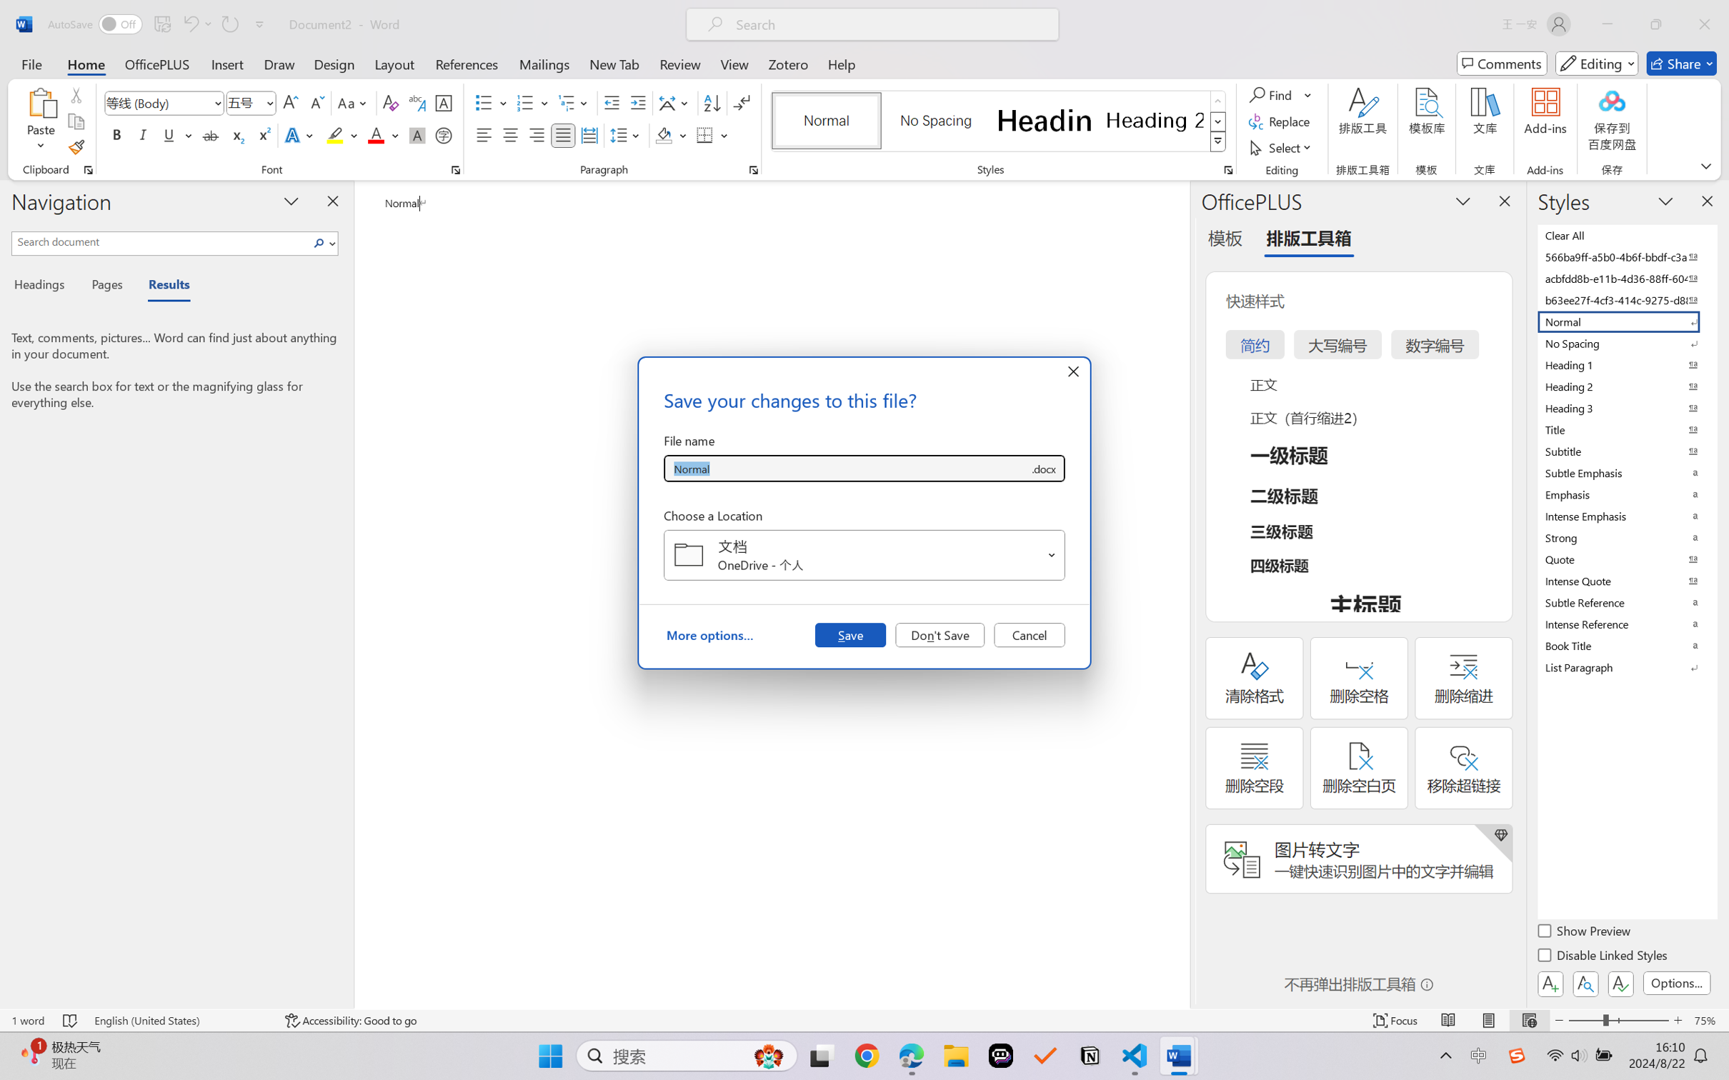  What do you see at coordinates (383, 134) in the screenshot?
I see `'Font Color'` at bounding box center [383, 134].